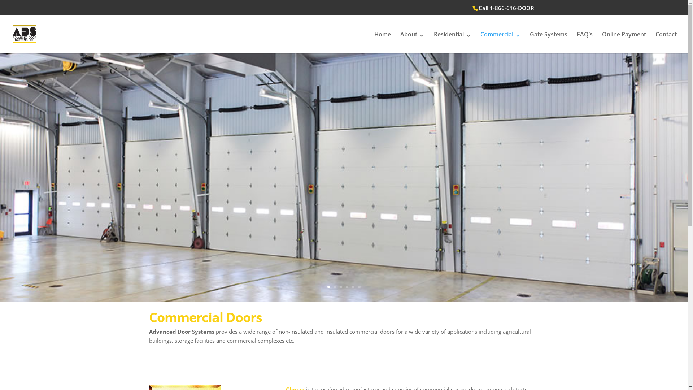 This screenshot has width=693, height=390. Describe the element at coordinates (506, 8) in the screenshot. I see `'Call 1-866-616-DOOR'` at that location.